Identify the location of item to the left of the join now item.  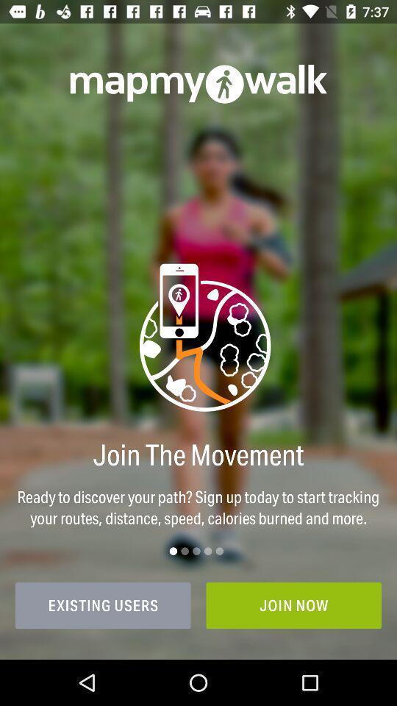
(102, 605).